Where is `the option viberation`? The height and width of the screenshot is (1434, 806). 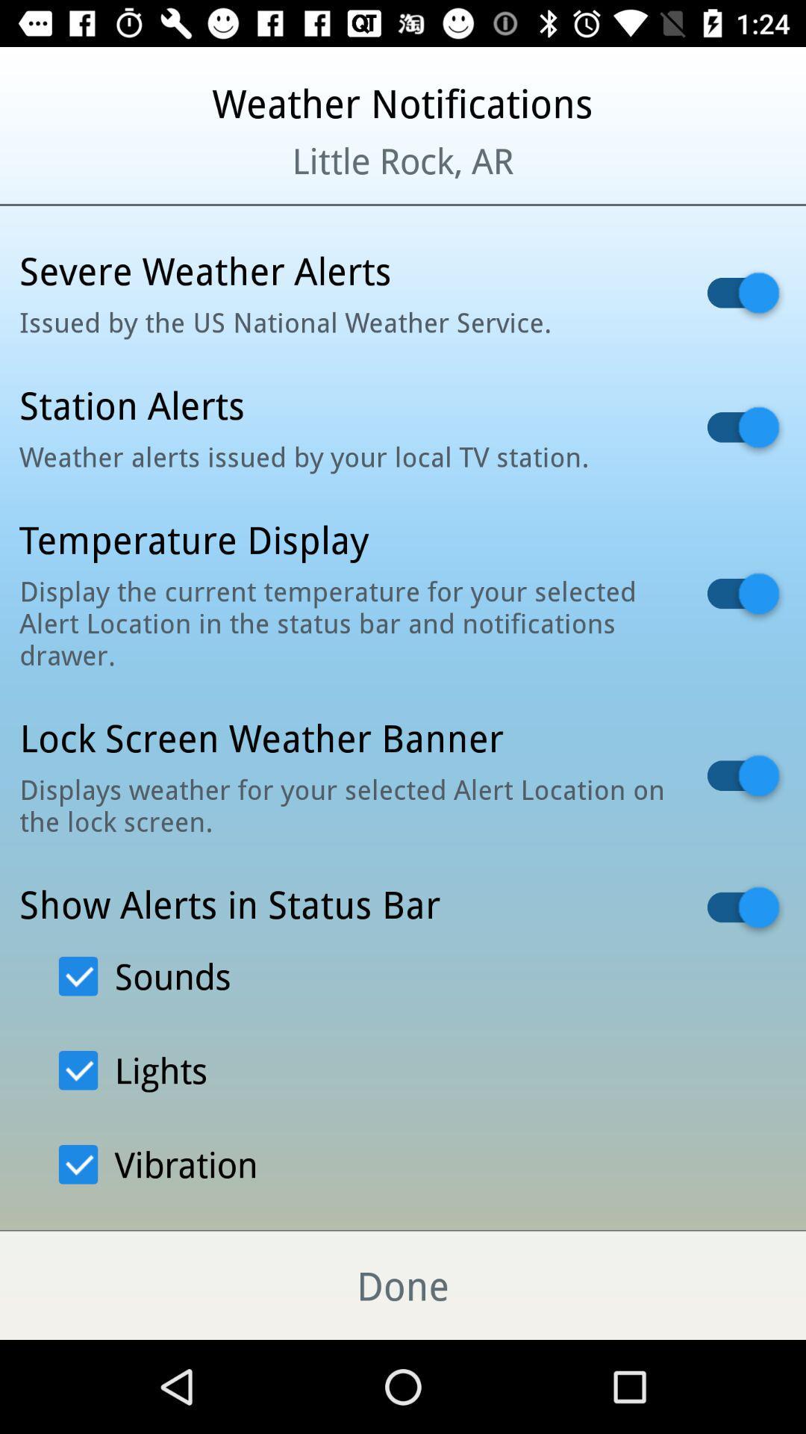
the option viberation is located at coordinates (158, 1164).